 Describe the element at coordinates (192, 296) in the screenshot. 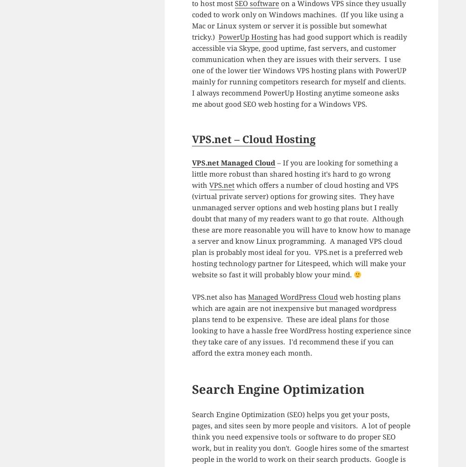

I see `'VPS.net also has'` at that location.